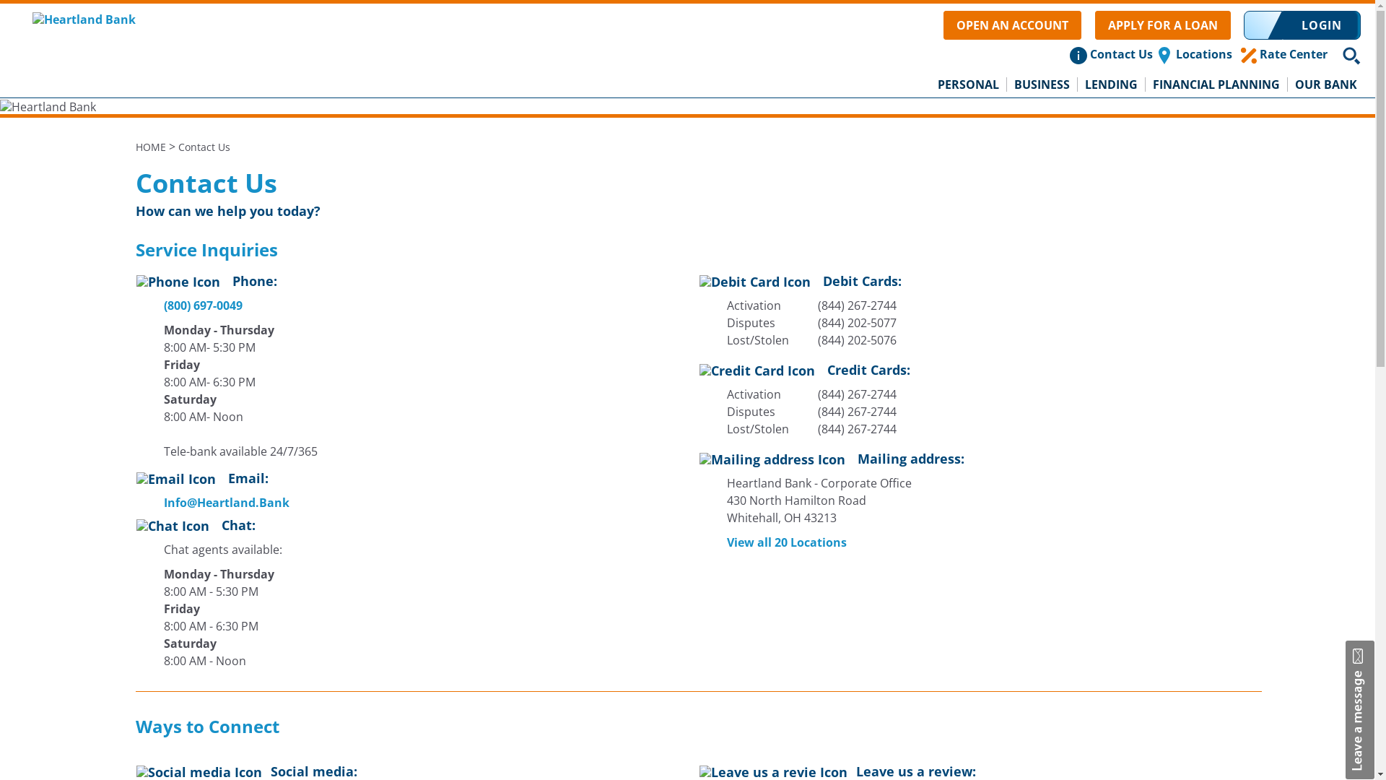 The width and height of the screenshot is (1386, 780). What do you see at coordinates (83, 17) in the screenshot?
I see `'Heartland Bank'` at bounding box center [83, 17].